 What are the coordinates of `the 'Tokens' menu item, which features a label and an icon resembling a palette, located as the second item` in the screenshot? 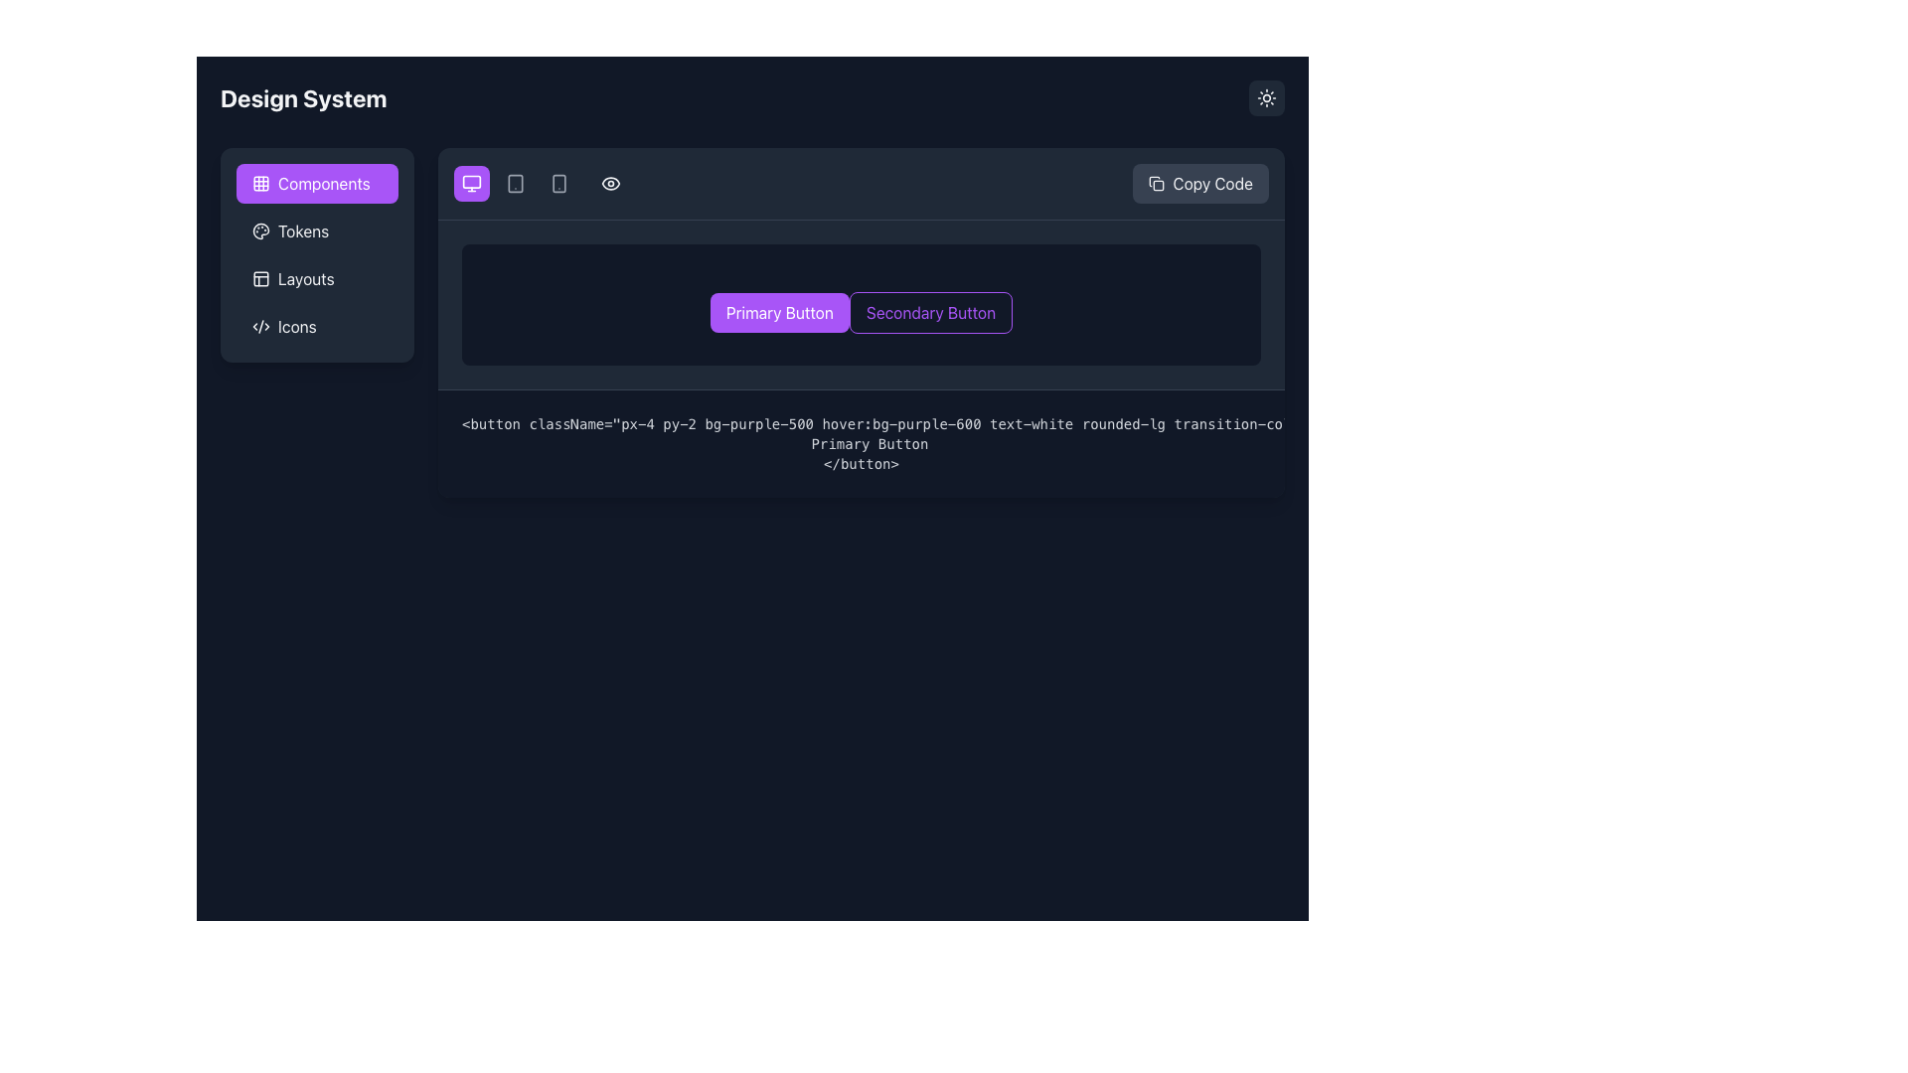 It's located at (316, 230).